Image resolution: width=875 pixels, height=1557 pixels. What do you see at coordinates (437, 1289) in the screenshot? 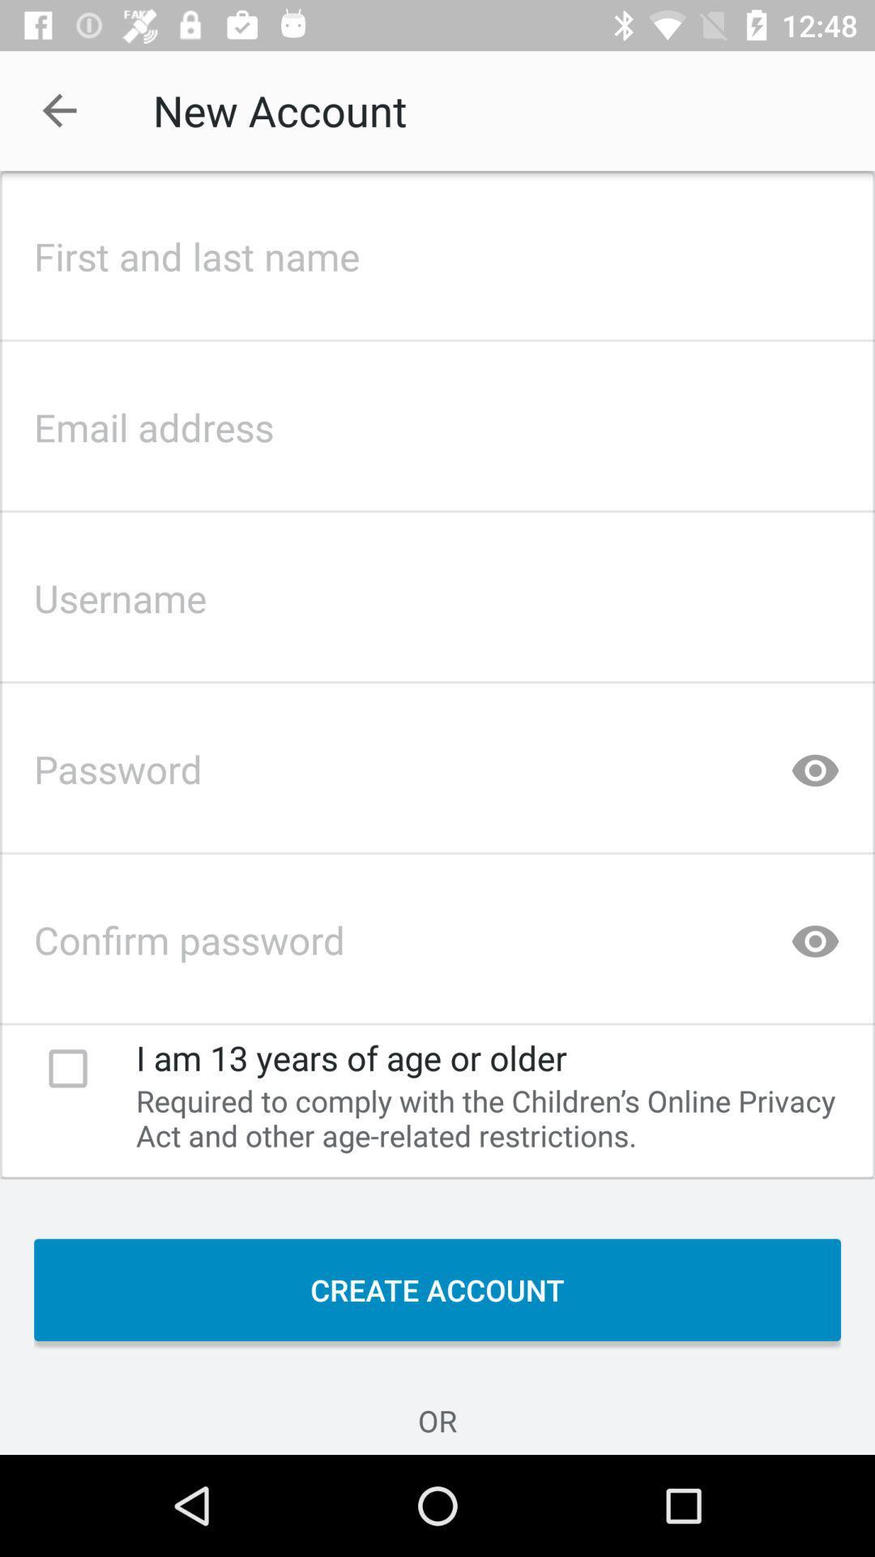
I see `the create account item` at bounding box center [437, 1289].